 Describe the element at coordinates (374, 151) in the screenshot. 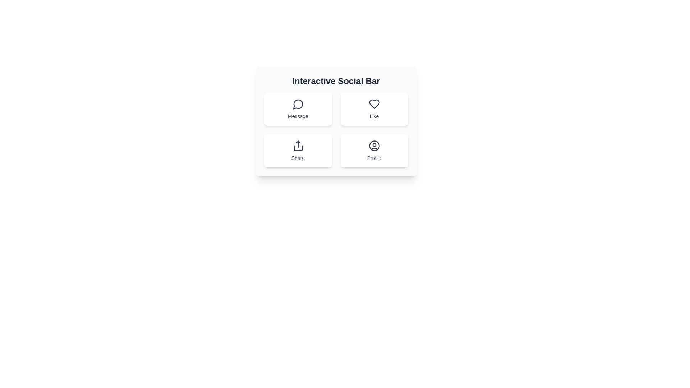

I see `the 'Profile' button which is a box-shaped button with a white background and gray rounded corners, featuring a user profile icon and the label 'Profile' in bold text, located in the fourth position of a grid layout` at that location.